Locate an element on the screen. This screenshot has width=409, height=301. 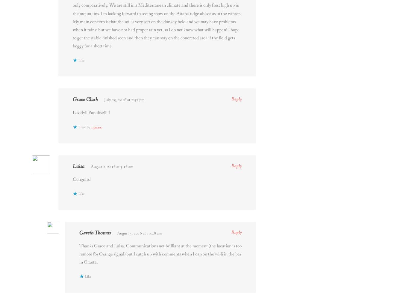
'Liked by' is located at coordinates (78, 127).